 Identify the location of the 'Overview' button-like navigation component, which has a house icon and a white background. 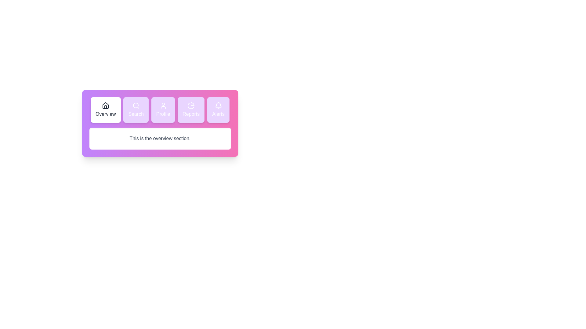
(106, 110).